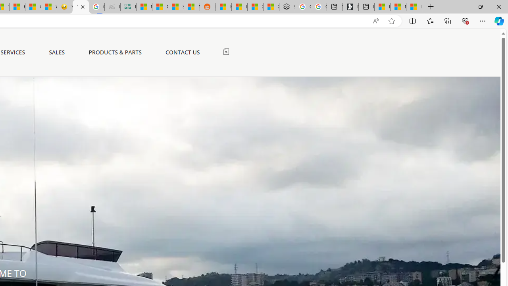  I want to click on 'SALES', so click(57, 52).